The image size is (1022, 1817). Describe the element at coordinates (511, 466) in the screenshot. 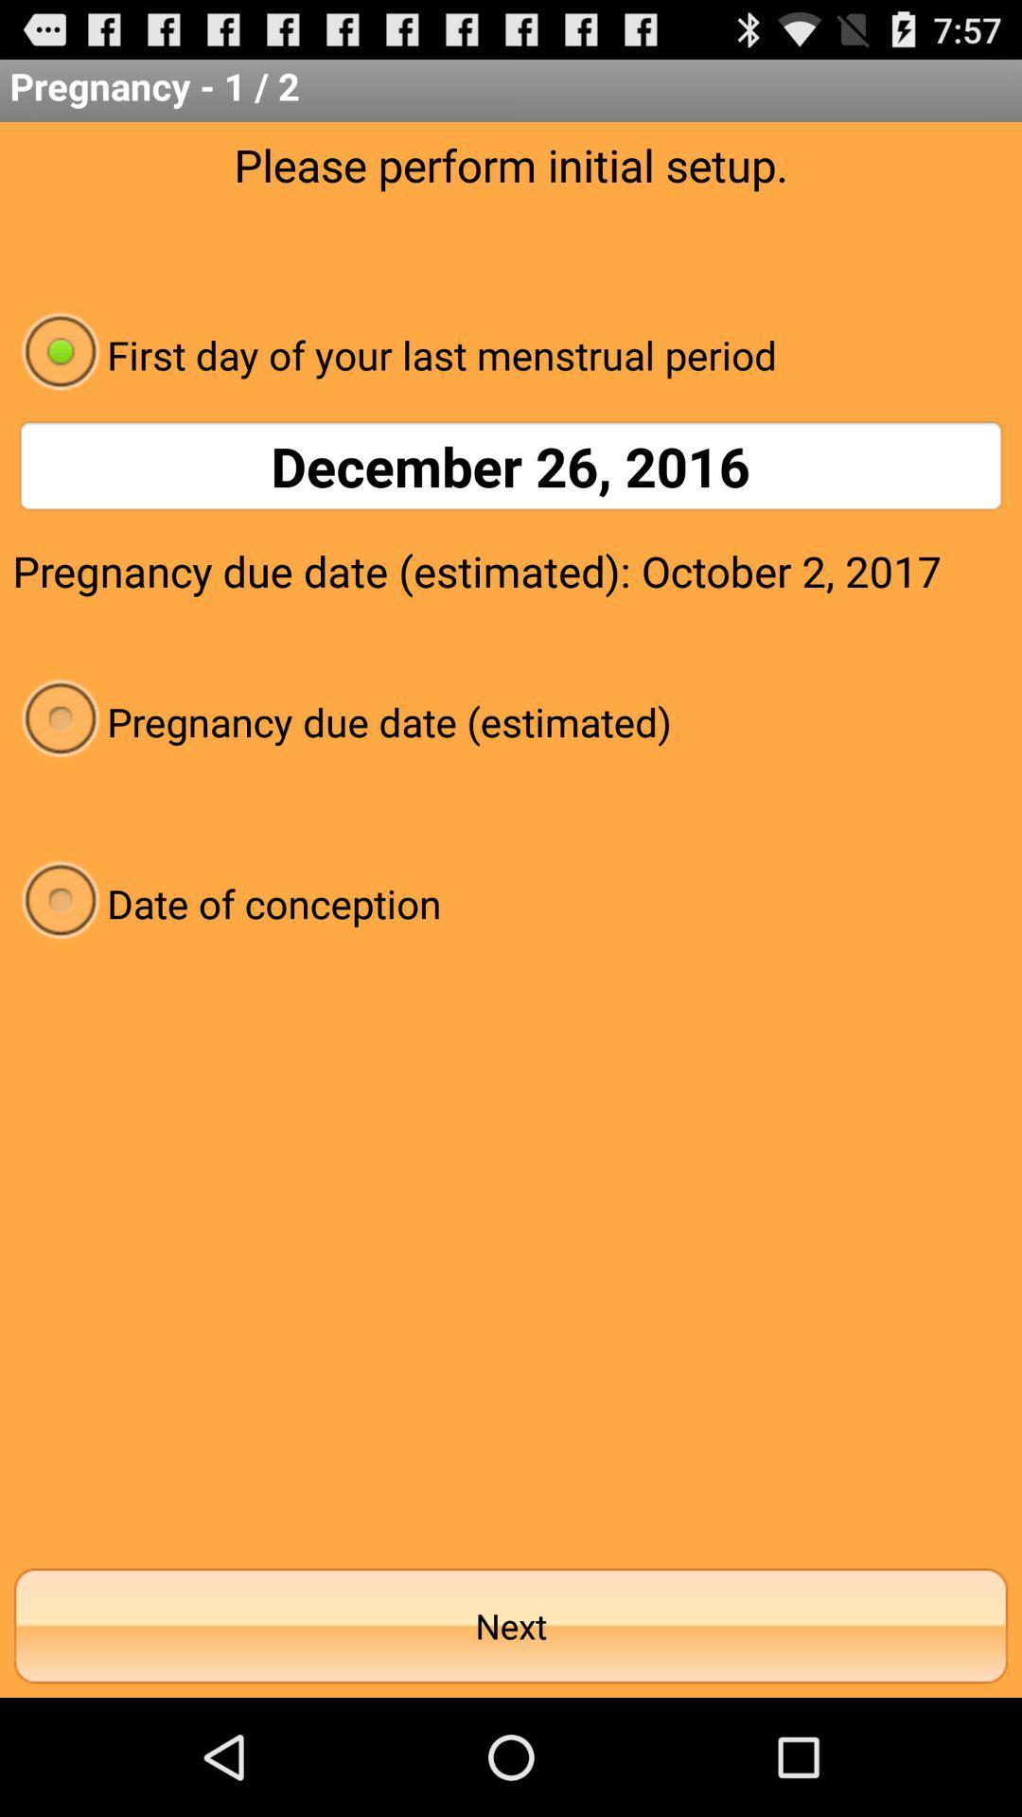

I see `the item below the first day of radio button` at that location.